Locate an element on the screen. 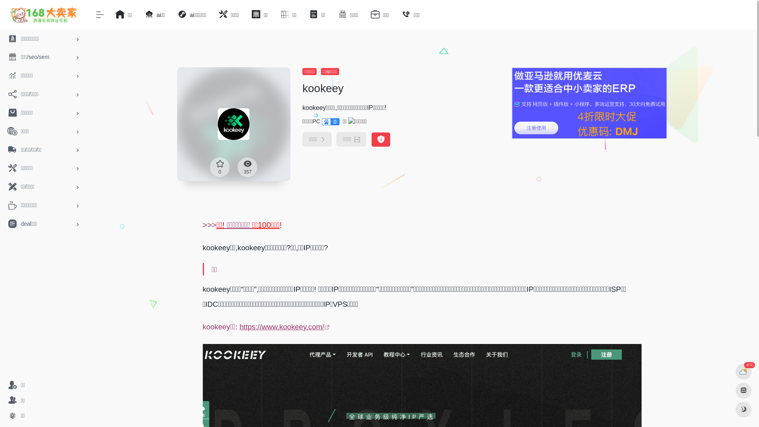 The image size is (759, 427). 'https://www.kookeey.com/' is located at coordinates (285, 327).